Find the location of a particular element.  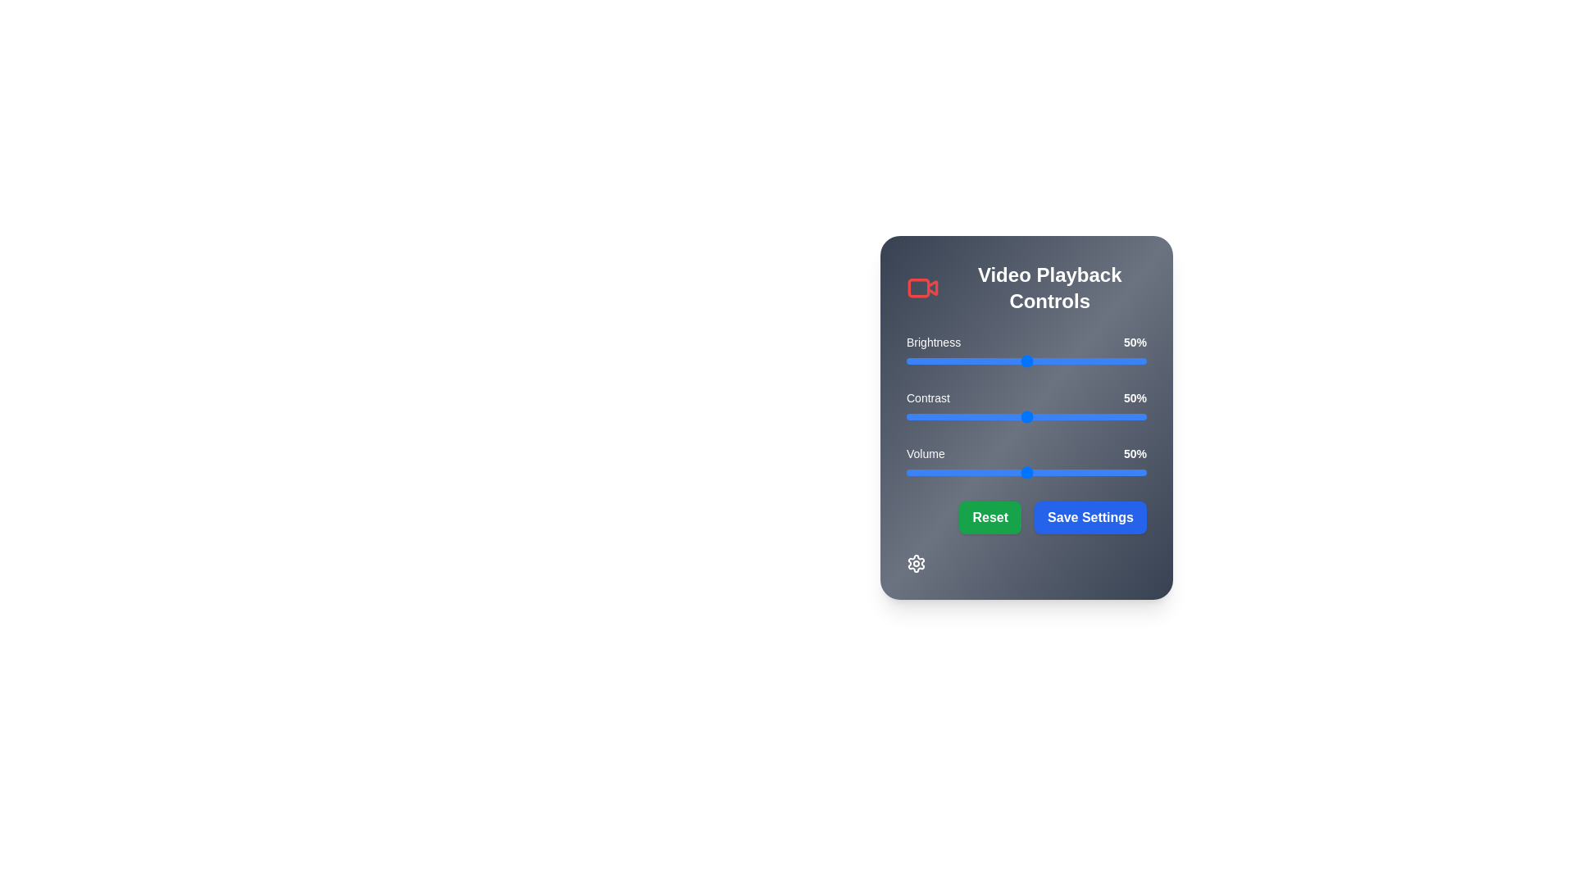

the gear icon located at the bottom-left corner of the 'Video Playback Controls' panel is located at coordinates (916, 562).